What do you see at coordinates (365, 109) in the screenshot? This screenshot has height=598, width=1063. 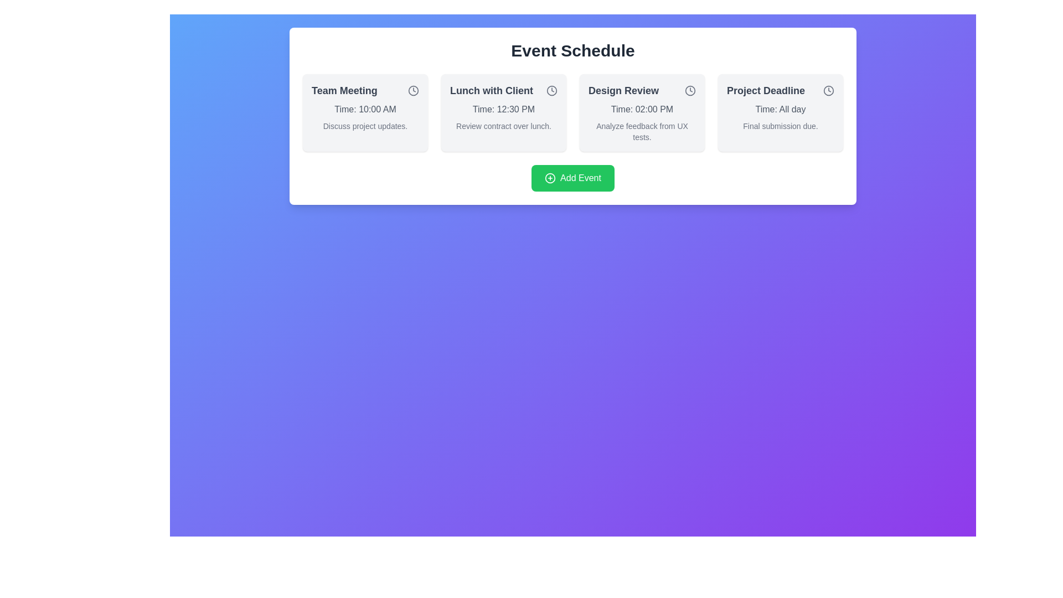 I see `the text label displaying 'Time: 10:00 AM' in gray, located within the card labeled 'Team Meeting', positioned directly below the title` at bounding box center [365, 109].